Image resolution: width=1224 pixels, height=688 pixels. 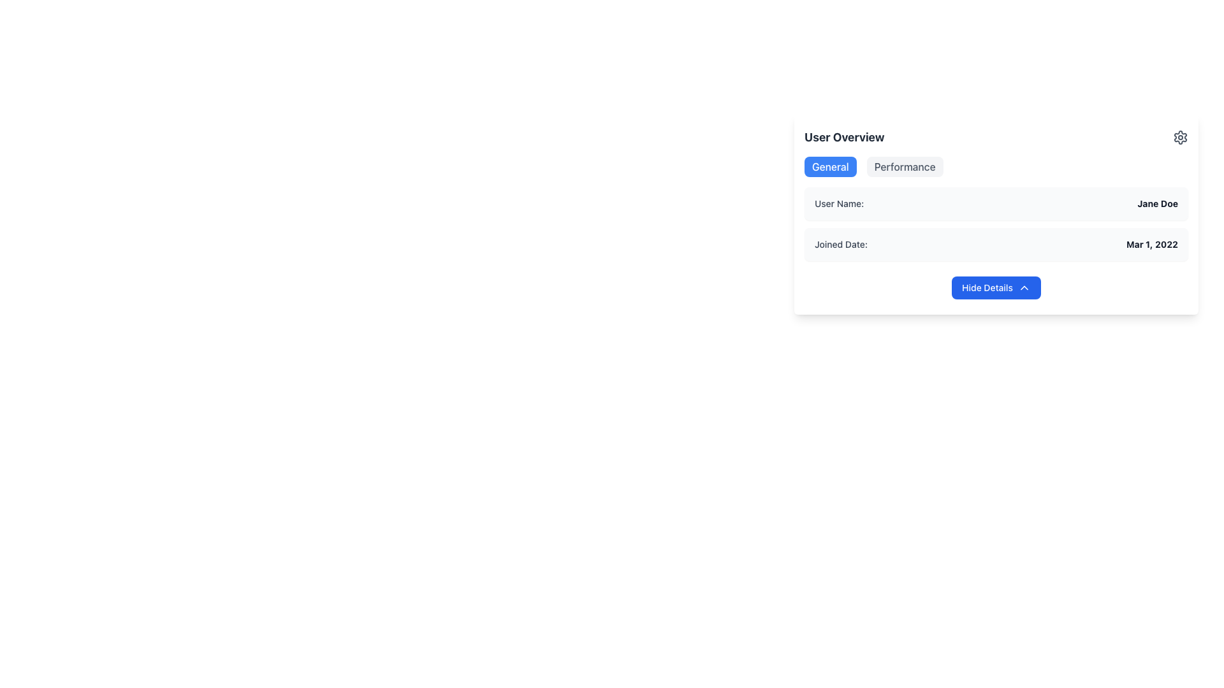 I want to click on the 'Performance' tab in the navigation bar located within the 'User Overview' section, so click(x=996, y=166).